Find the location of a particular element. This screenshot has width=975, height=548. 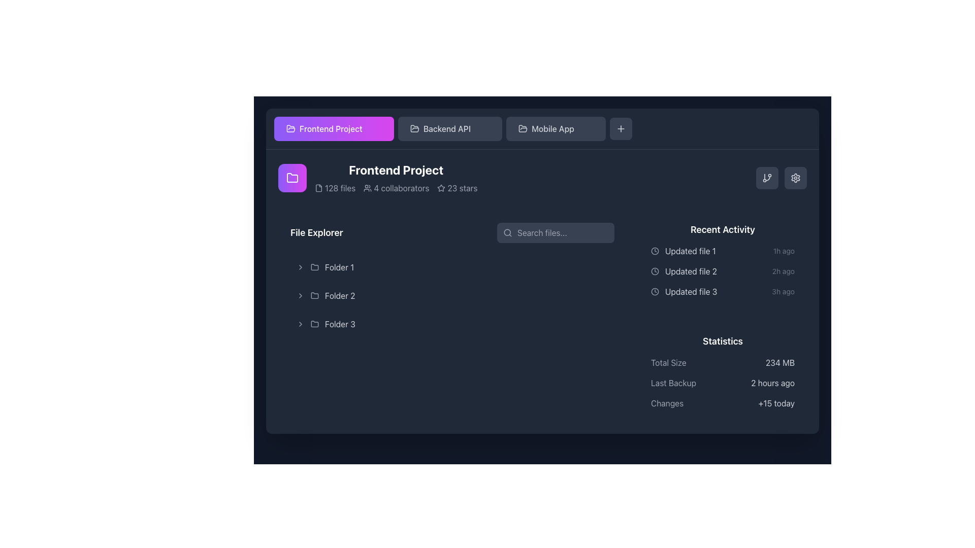

the information presented in the 'Last Backup' row of the Text block with statistical labels and data located in the 'Statistics' section at the bottom right of the interface is located at coordinates (722, 383).